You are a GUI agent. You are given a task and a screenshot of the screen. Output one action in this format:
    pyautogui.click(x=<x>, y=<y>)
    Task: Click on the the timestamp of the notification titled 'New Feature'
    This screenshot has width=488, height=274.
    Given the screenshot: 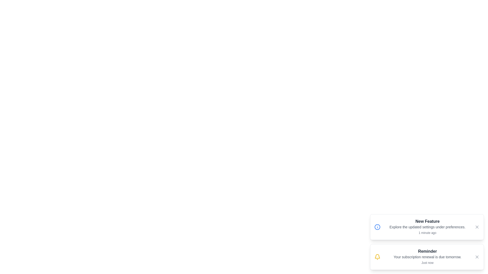 What is the action you would take?
    pyautogui.click(x=427, y=233)
    